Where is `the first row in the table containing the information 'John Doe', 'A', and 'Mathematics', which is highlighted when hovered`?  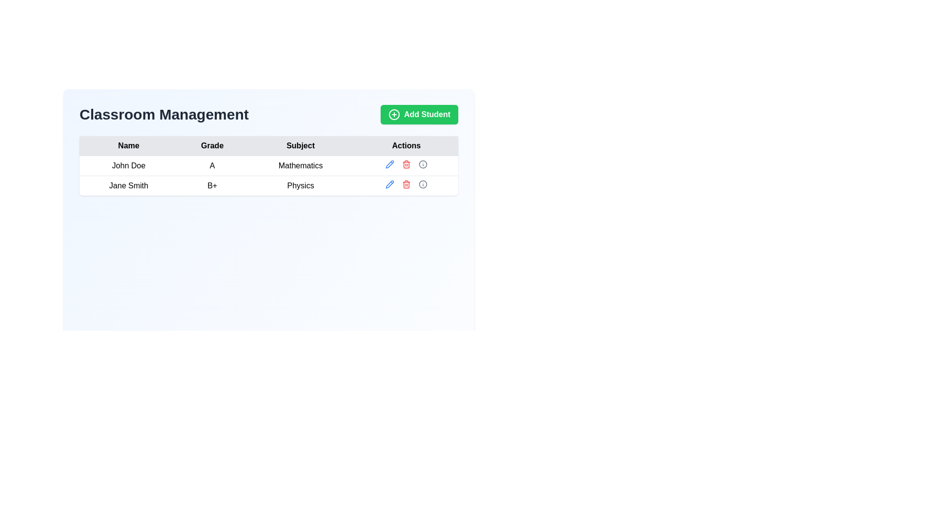 the first row in the table containing the information 'John Doe', 'A', and 'Mathematics', which is highlighted when hovered is located at coordinates (269, 165).